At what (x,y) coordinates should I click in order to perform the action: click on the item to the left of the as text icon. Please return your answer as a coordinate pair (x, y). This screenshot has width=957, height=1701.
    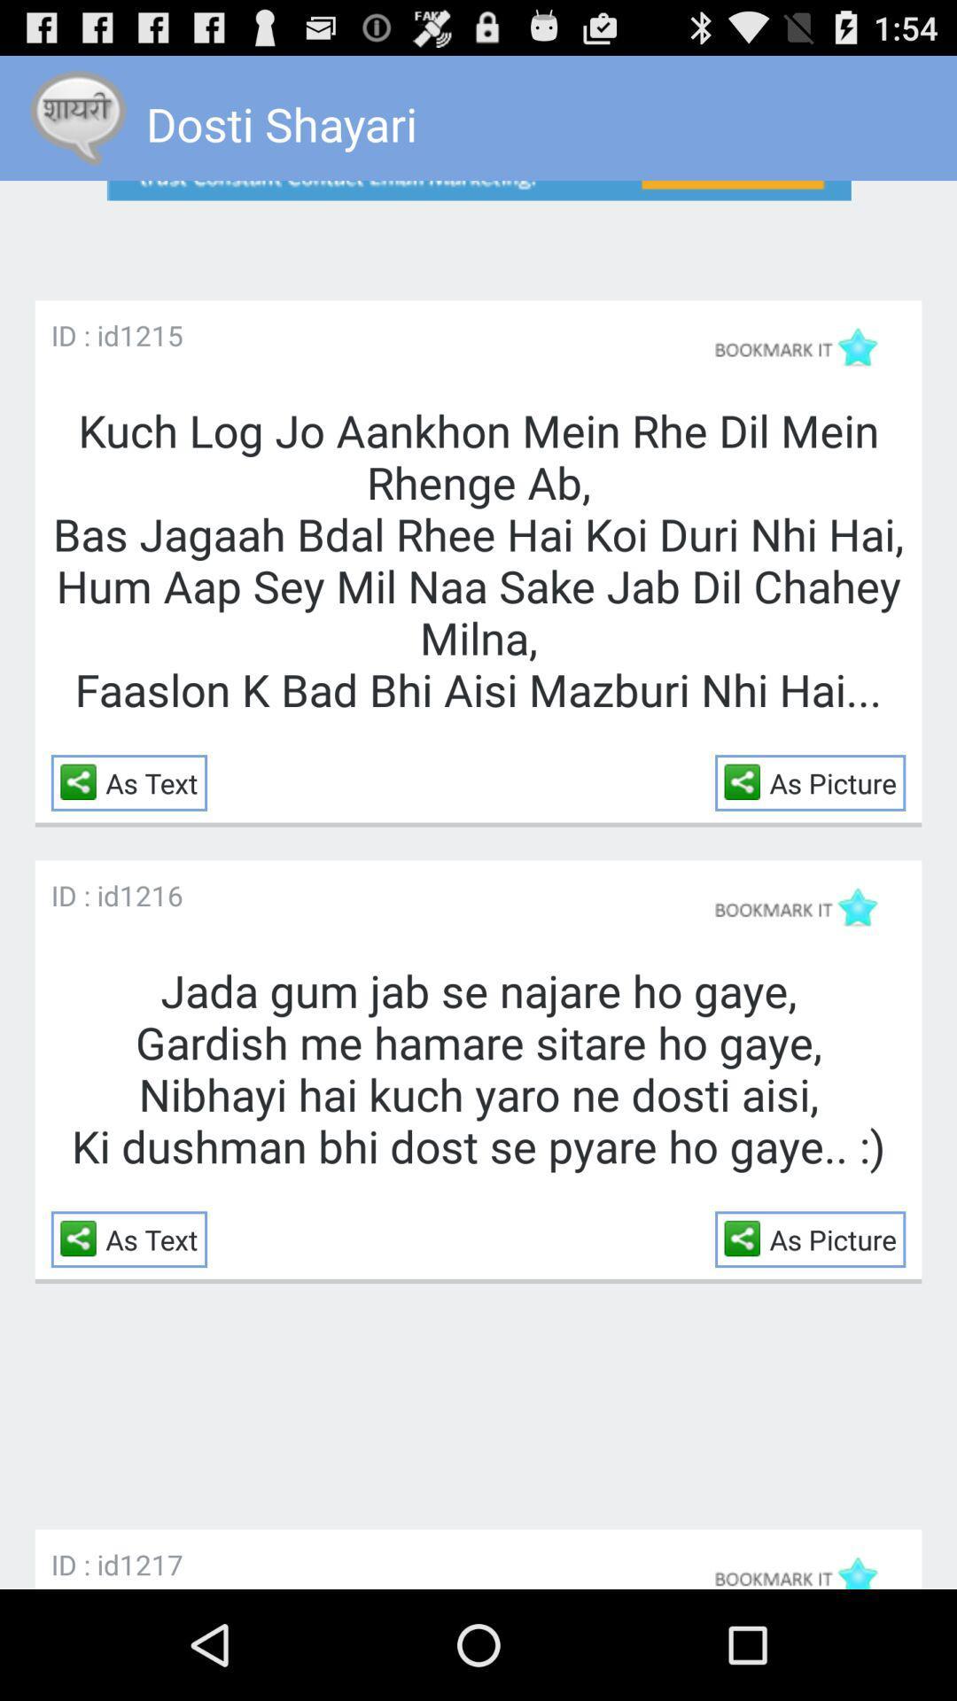
    Looking at the image, I should click on (82, 1237).